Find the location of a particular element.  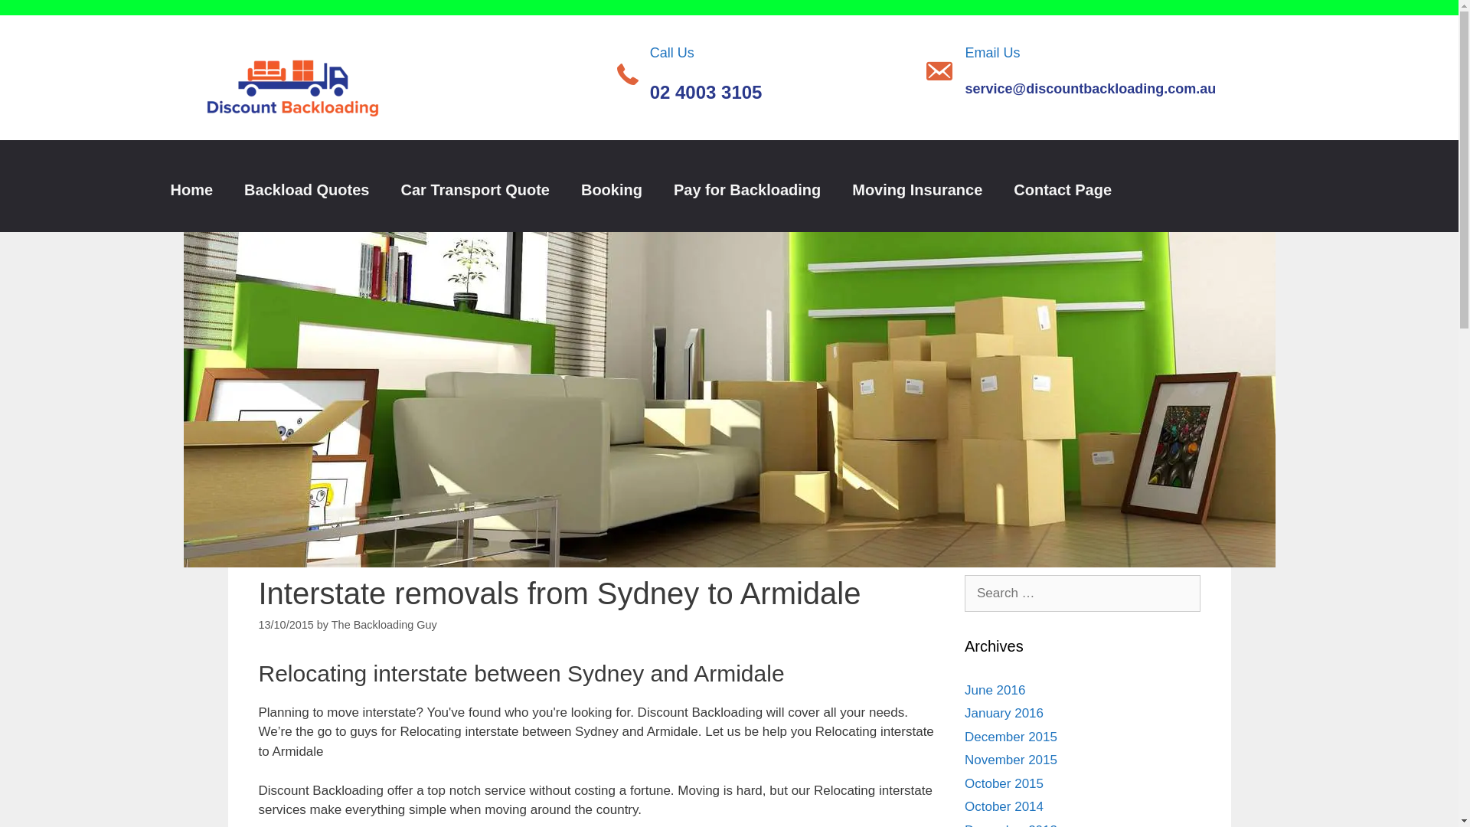

'Pay for Backloading' is located at coordinates (746, 188).